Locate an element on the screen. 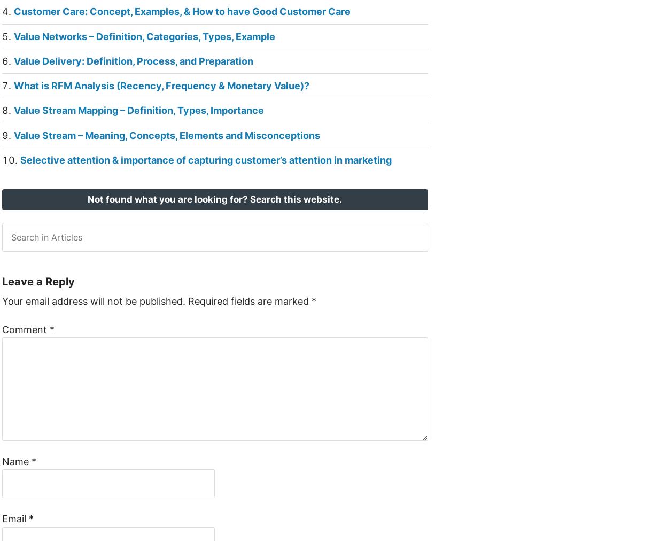 Image resolution: width=668 pixels, height=541 pixels. 'Value Stream – Meaning, Concepts, Elements and Misconceptions' is located at coordinates (166, 135).